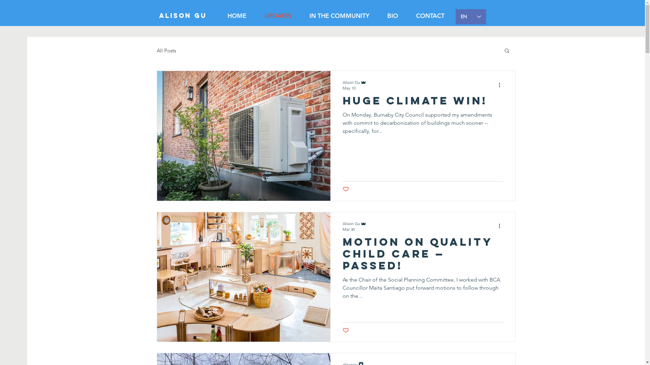 This screenshot has width=650, height=365. What do you see at coordinates (430, 15) in the screenshot?
I see `'CONTACT'` at bounding box center [430, 15].